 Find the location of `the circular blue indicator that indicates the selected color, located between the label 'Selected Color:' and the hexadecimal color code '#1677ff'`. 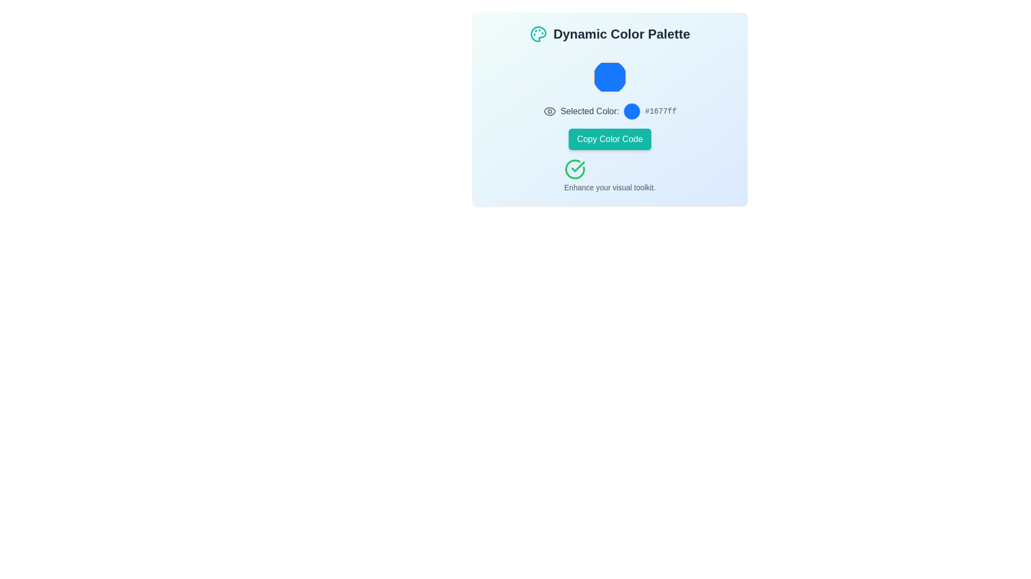

the circular blue indicator that indicates the selected color, located between the label 'Selected Color:' and the hexadecimal color code '#1677ff' is located at coordinates (632, 112).